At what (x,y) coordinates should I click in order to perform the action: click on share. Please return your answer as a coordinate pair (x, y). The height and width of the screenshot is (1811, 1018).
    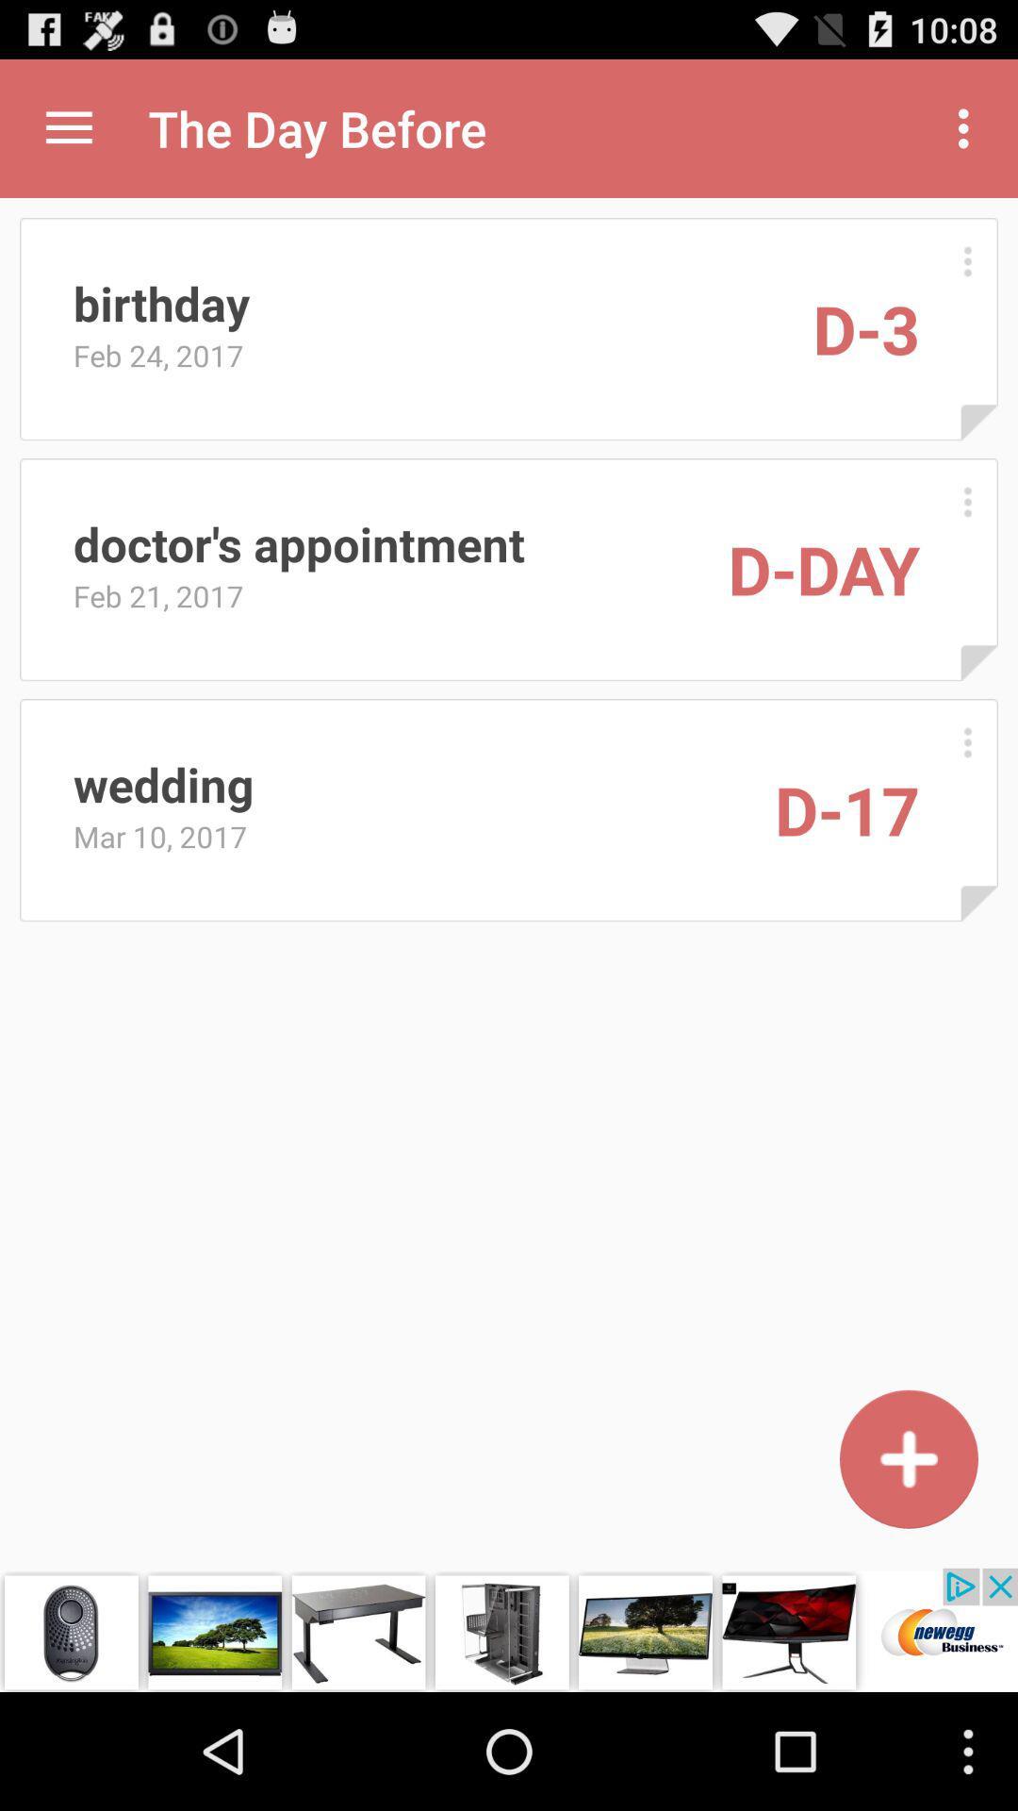
    Looking at the image, I should click on (68, 127).